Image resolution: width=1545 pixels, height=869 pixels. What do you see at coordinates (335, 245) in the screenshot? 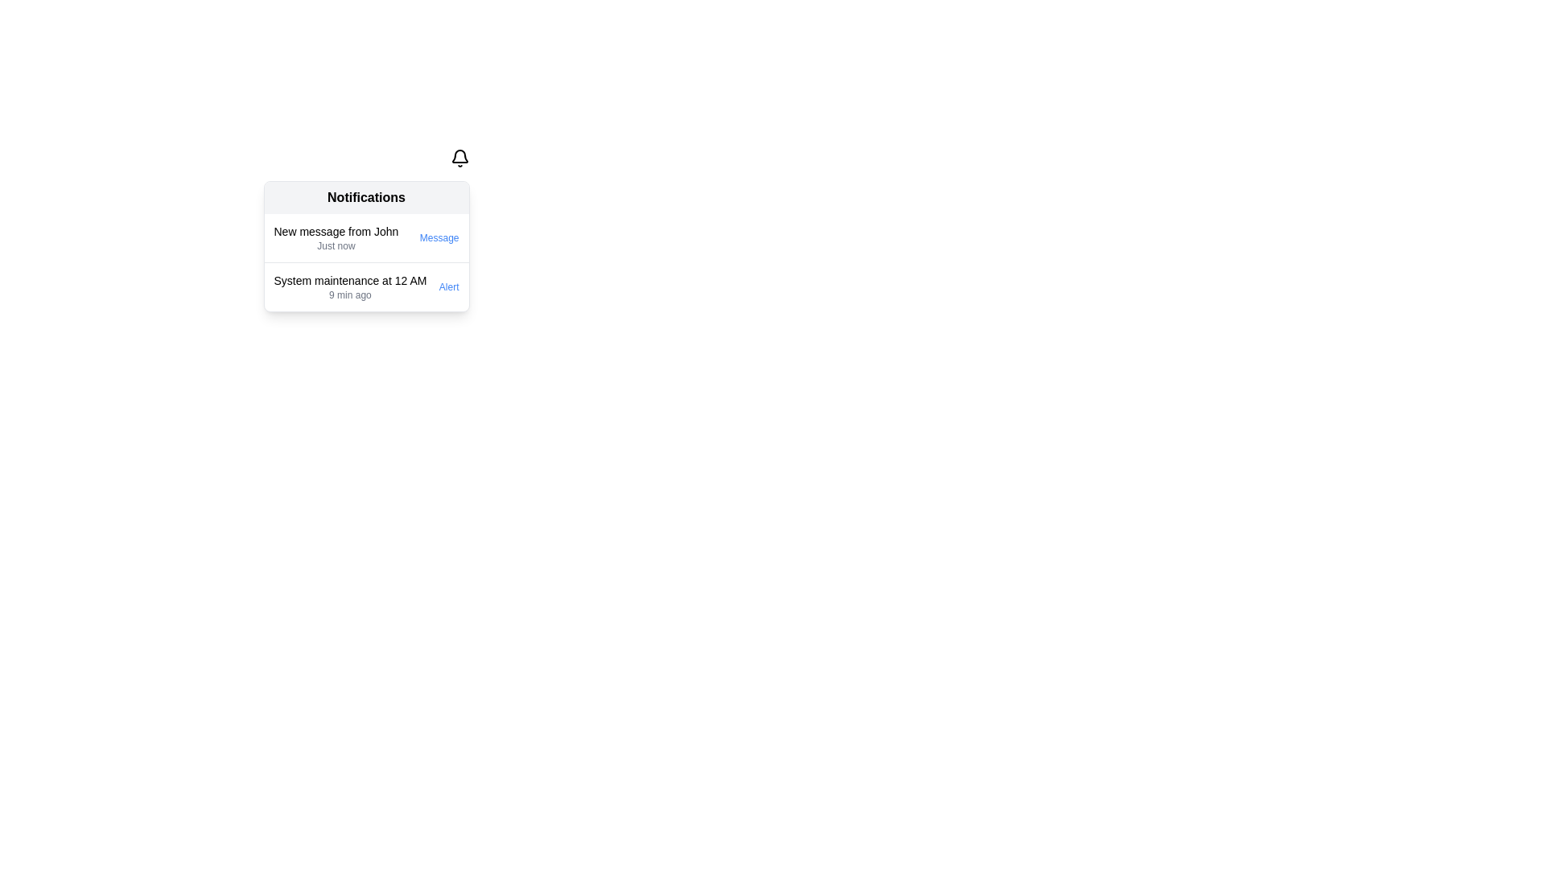
I see `the timestamp label indicating 'Just now', which is located under the first message item 'New message from John' in the notifications dropdown` at bounding box center [335, 245].